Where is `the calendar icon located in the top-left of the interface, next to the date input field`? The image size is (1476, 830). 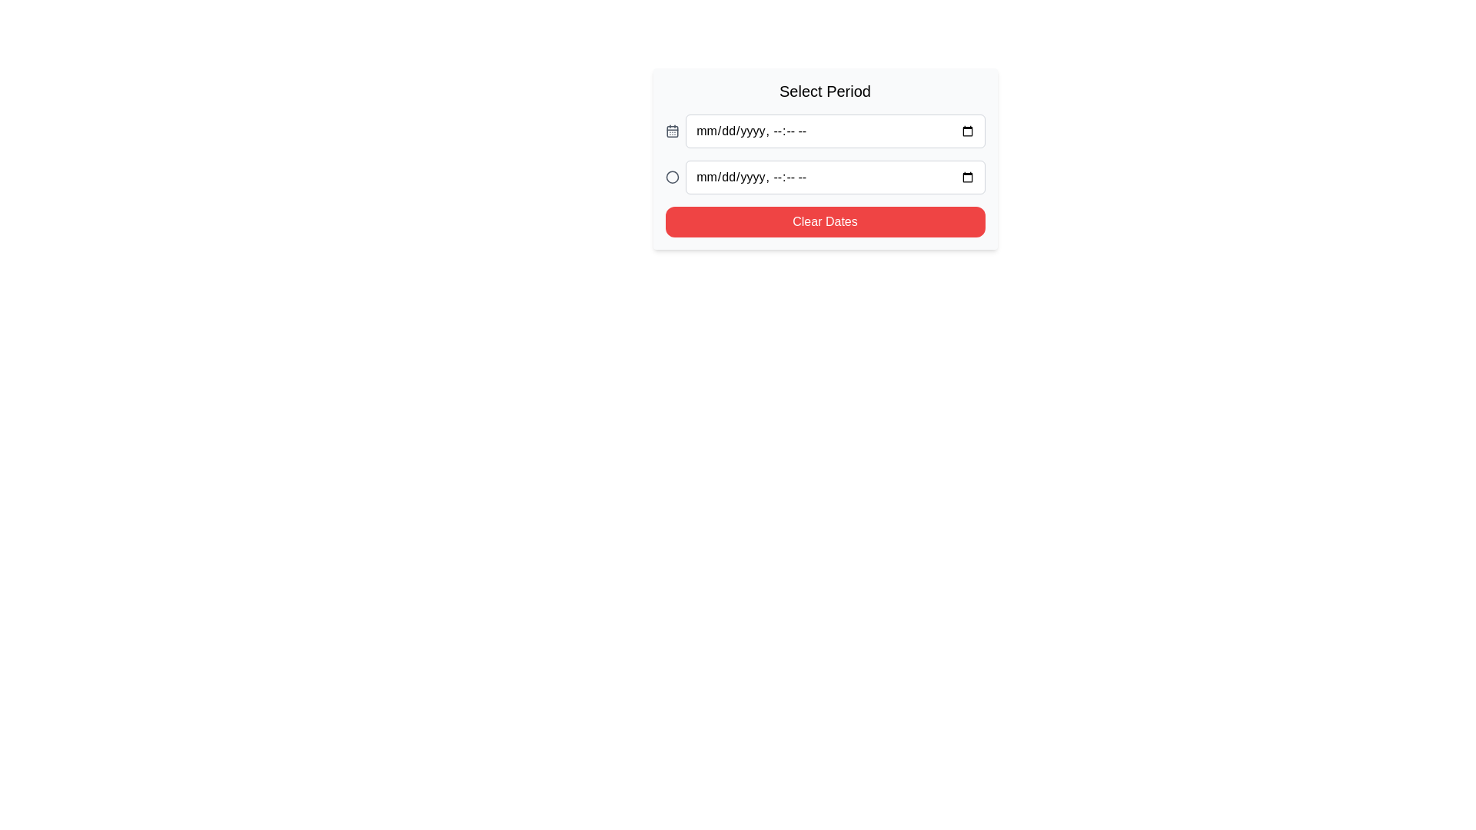 the calendar icon located in the top-left of the interface, next to the date input field is located at coordinates (672, 131).